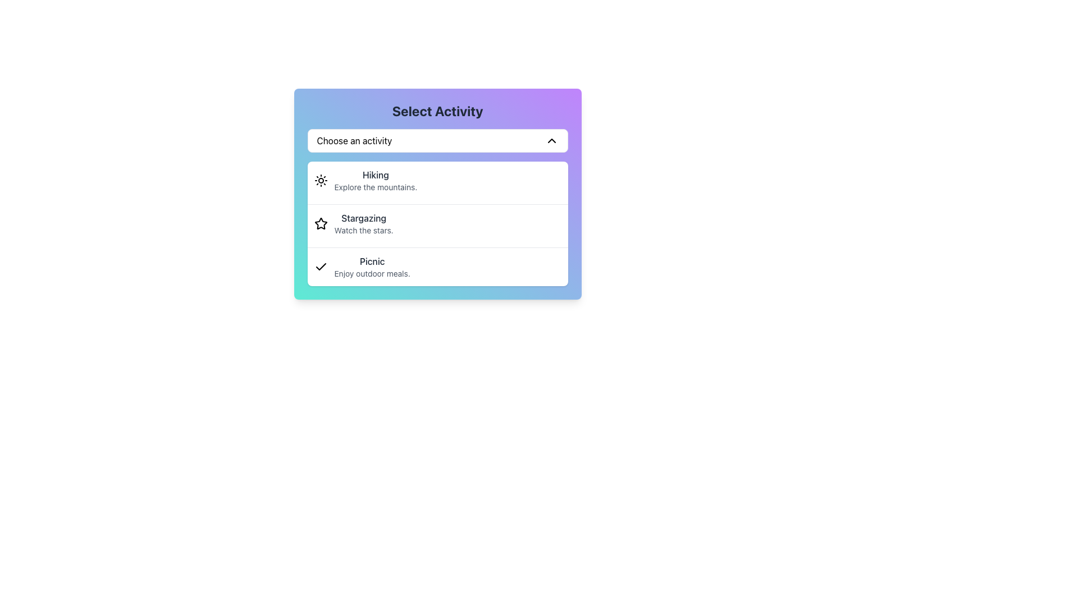 The image size is (1078, 606). What do you see at coordinates (364, 223) in the screenshot?
I see `text of the second activity option 'Stargazing' in the dropdown list under 'Select Activity', identifiable by the star icon` at bounding box center [364, 223].